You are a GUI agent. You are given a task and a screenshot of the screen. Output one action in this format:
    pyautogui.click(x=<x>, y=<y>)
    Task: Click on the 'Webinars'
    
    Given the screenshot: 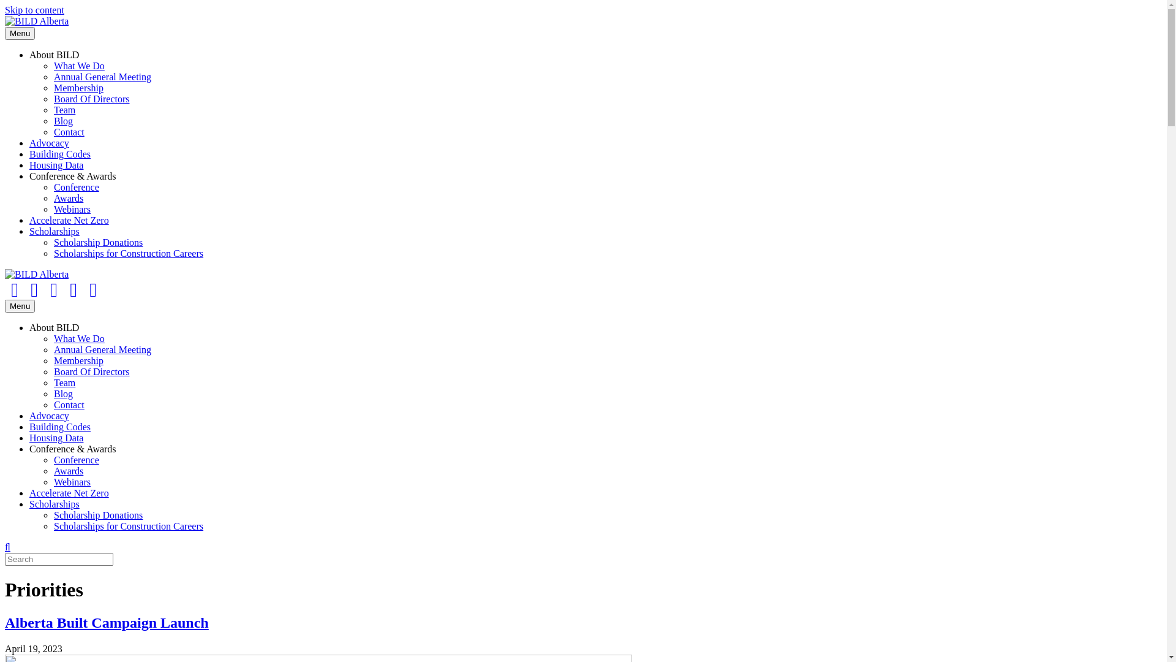 What is the action you would take?
    pyautogui.click(x=72, y=481)
    